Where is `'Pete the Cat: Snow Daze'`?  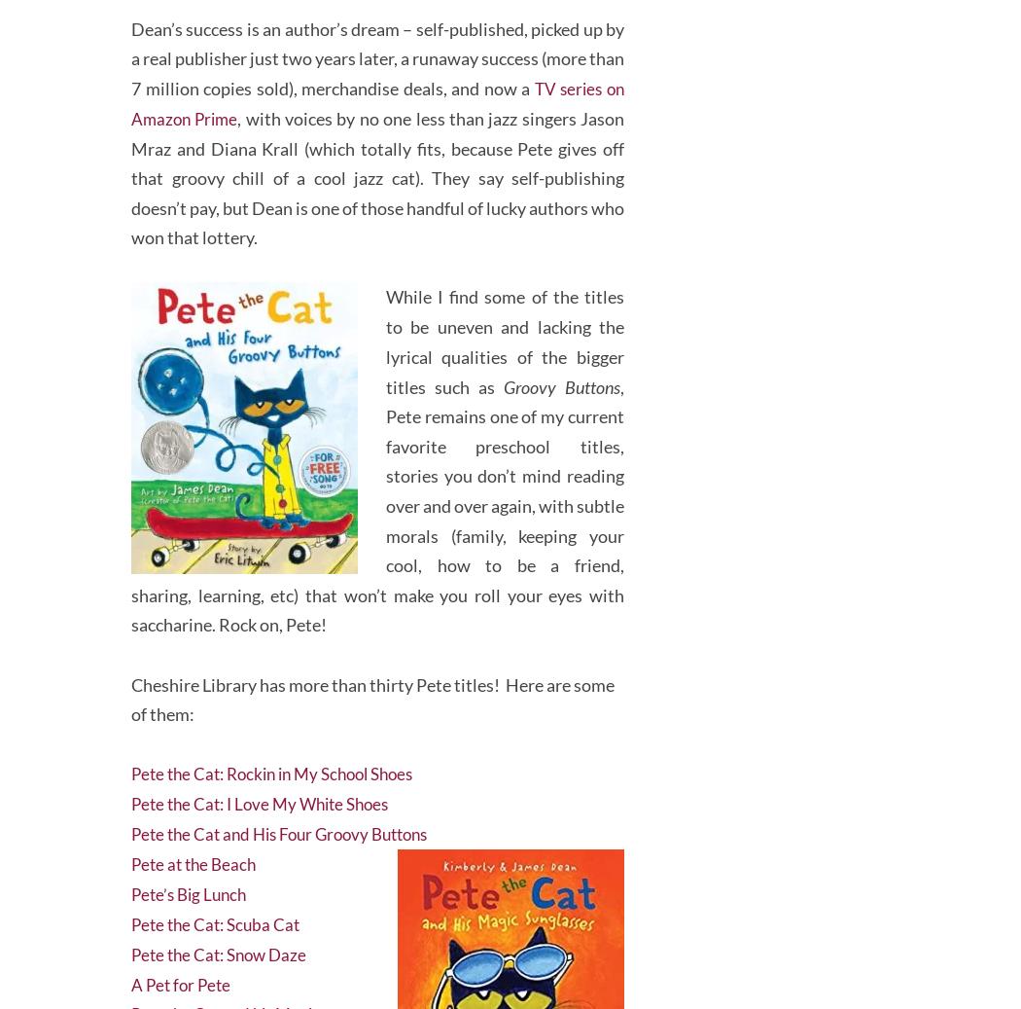
'Pete the Cat: Snow Daze' is located at coordinates (130, 941).